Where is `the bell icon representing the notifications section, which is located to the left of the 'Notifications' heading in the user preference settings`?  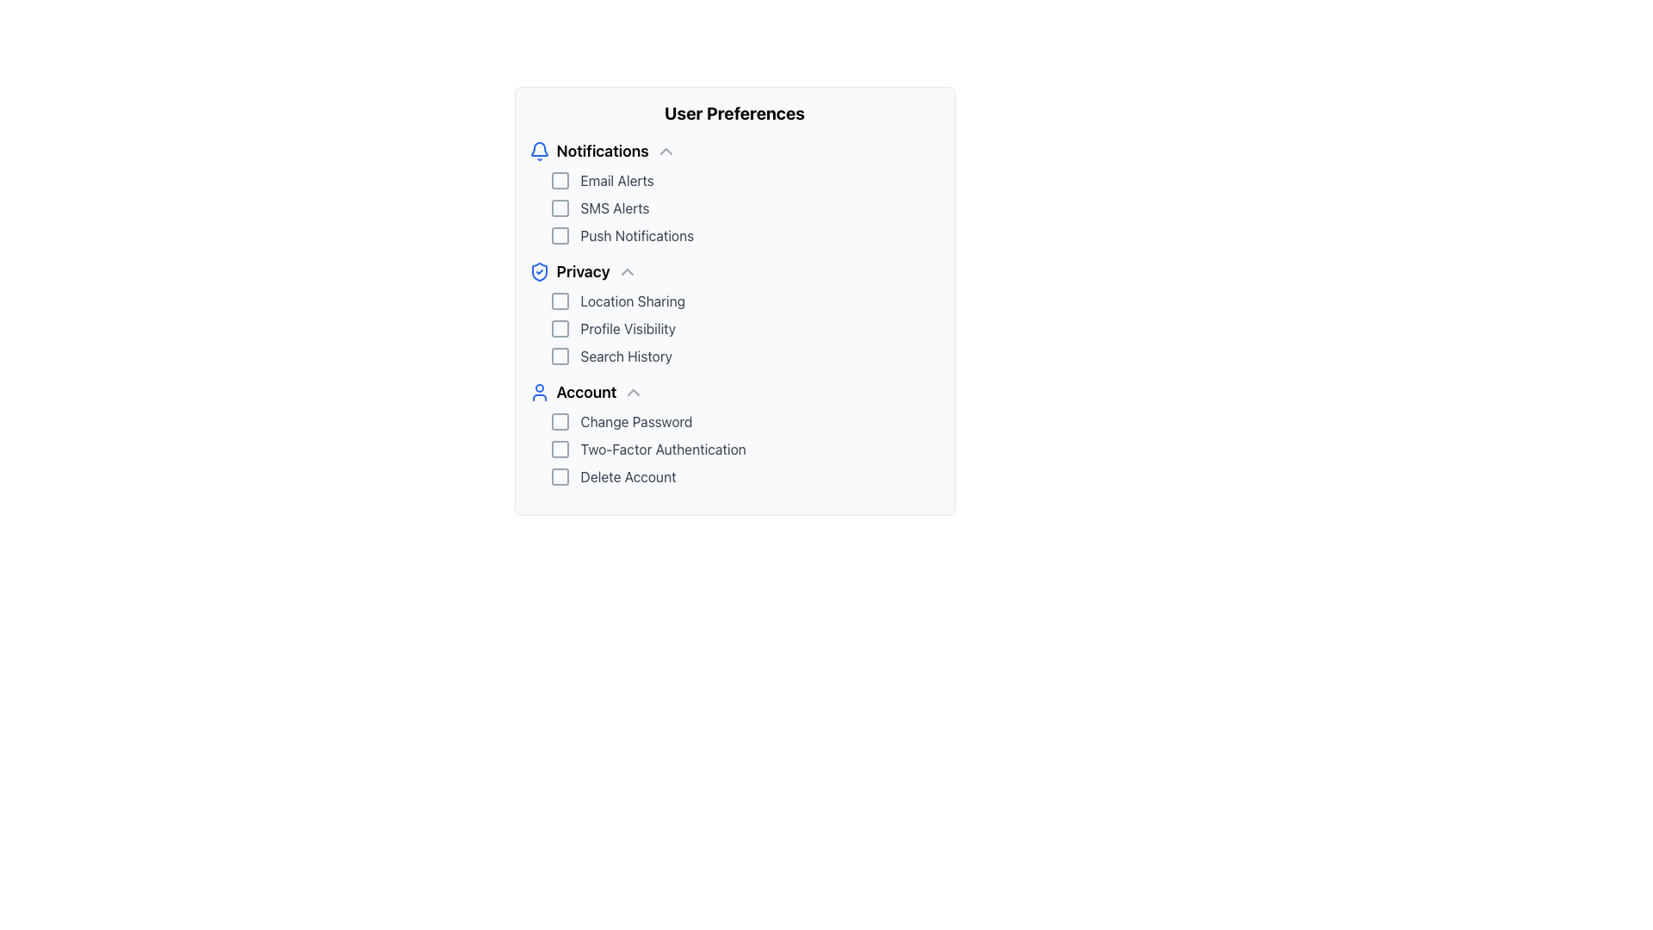 the bell icon representing the notifications section, which is located to the left of the 'Notifications' heading in the user preference settings is located at coordinates (538, 148).